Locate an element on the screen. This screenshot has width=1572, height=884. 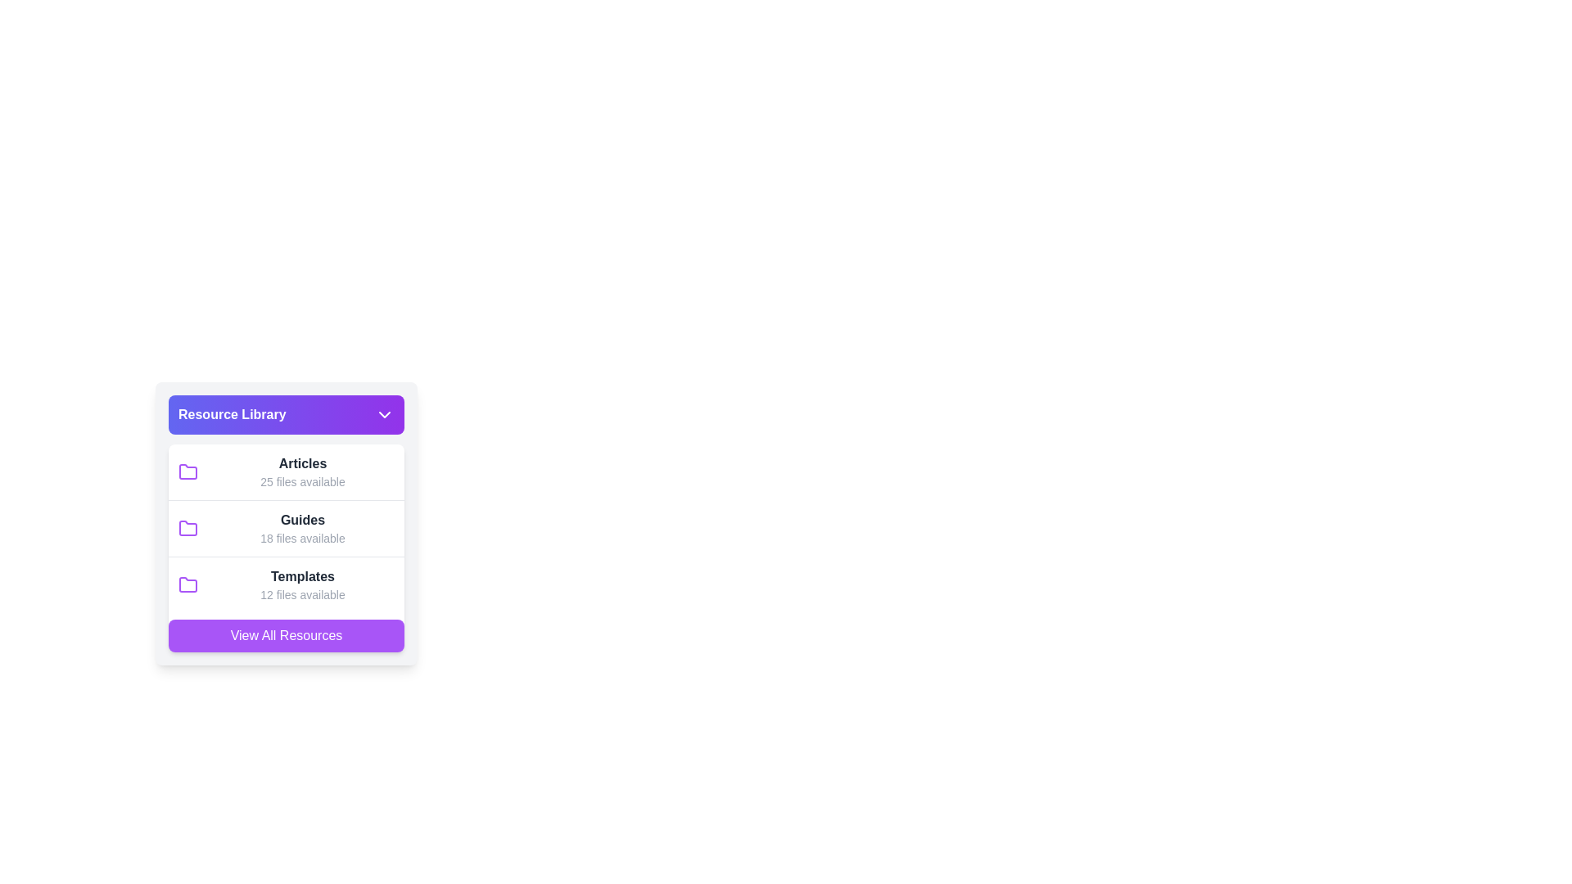
the interactive button located at the top of the resource library section is located at coordinates (287, 413).